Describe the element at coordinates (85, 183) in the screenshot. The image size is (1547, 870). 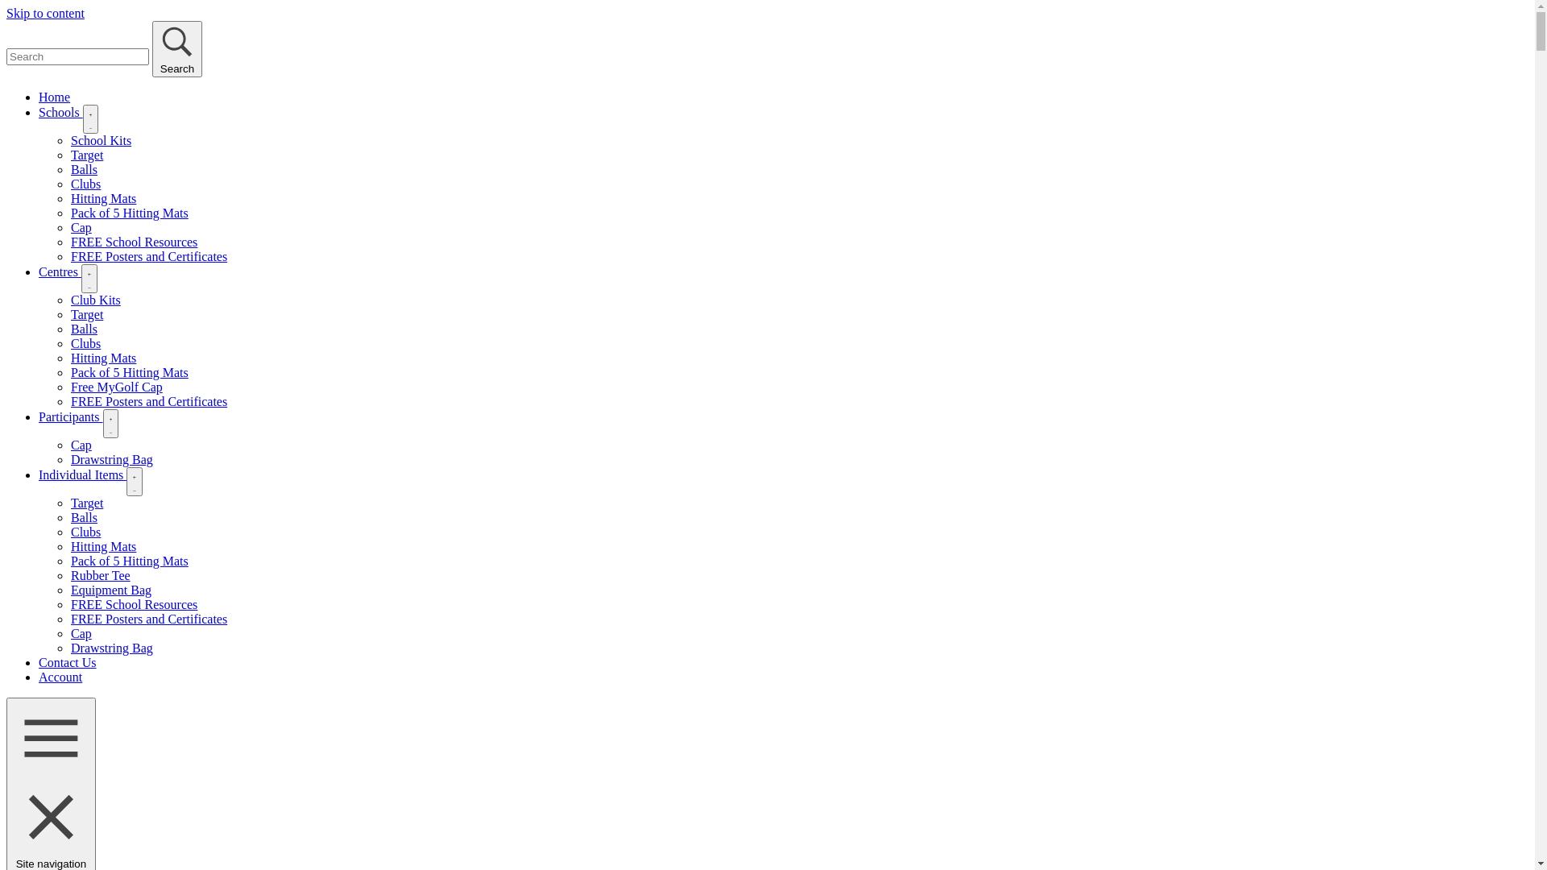
I see `'Clubs'` at that location.